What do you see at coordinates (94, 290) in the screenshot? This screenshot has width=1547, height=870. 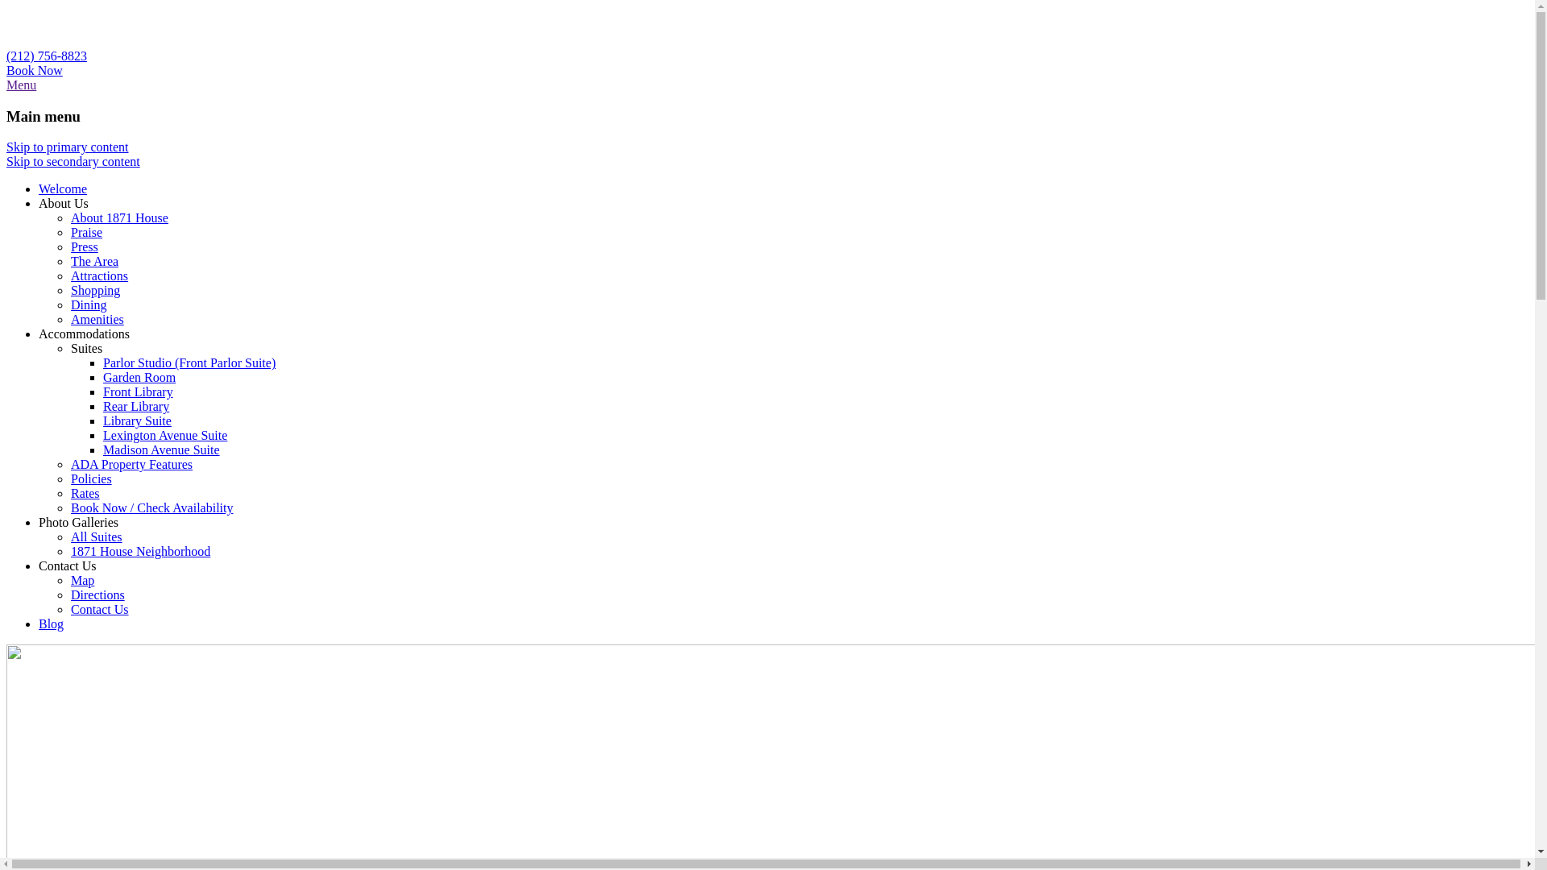 I see `'Shopping'` at bounding box center [94, 290].